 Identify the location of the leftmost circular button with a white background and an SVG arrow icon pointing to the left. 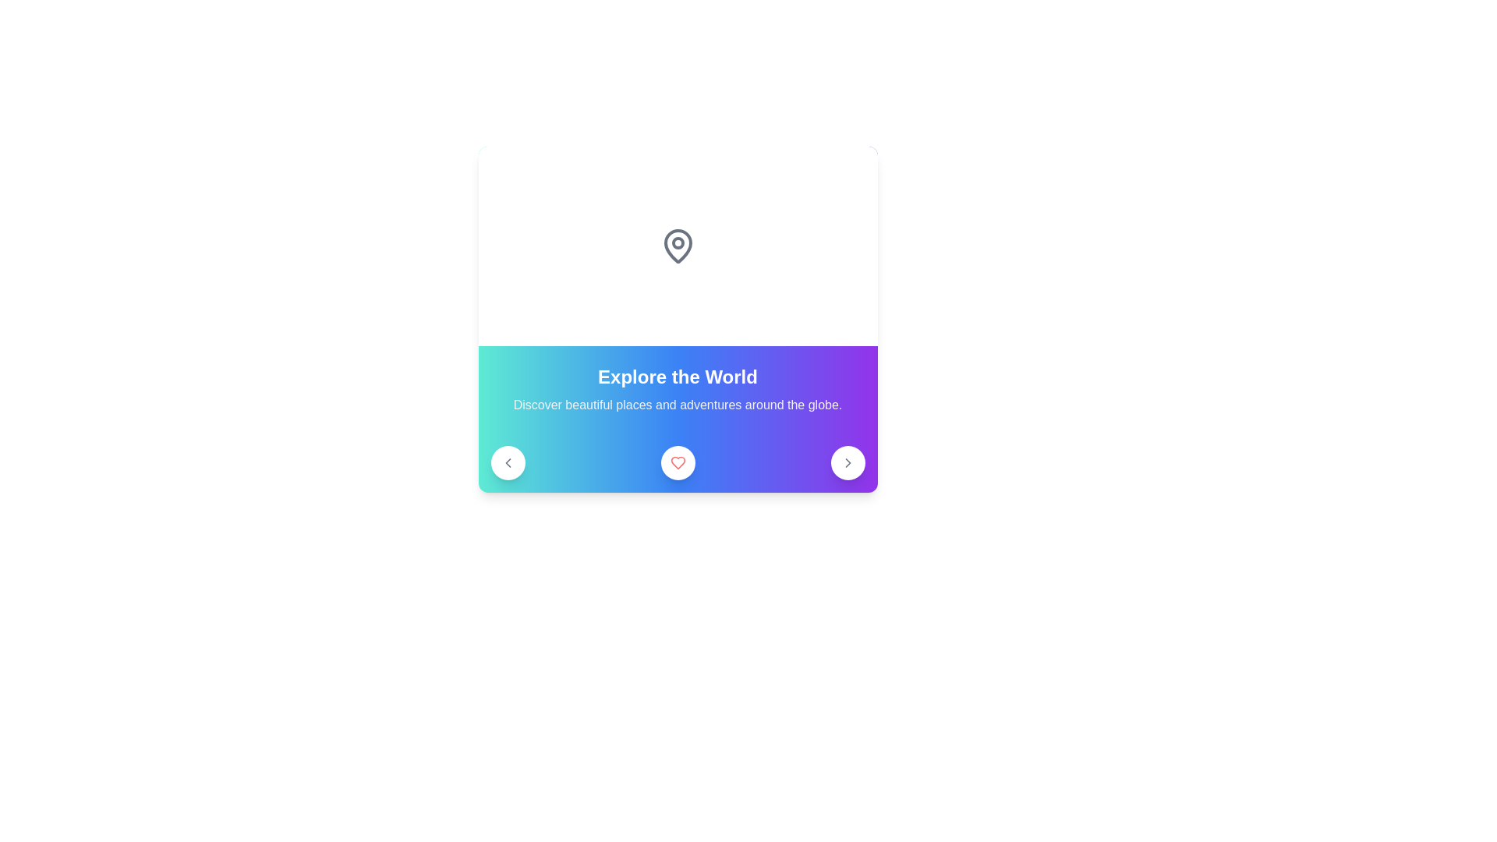
(508, 462).